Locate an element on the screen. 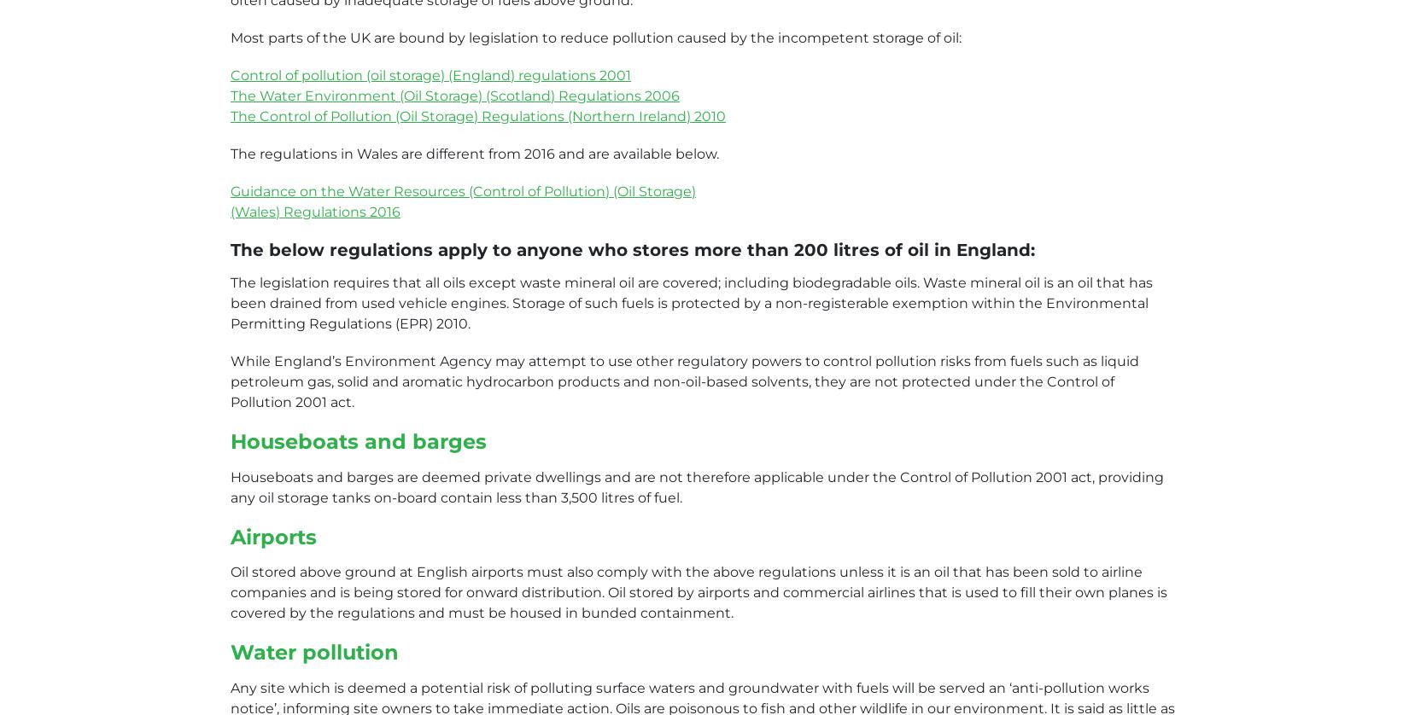 The image size is (1409, 715). 'VAT Number: 855003252' is located at coordinates (313, 350).